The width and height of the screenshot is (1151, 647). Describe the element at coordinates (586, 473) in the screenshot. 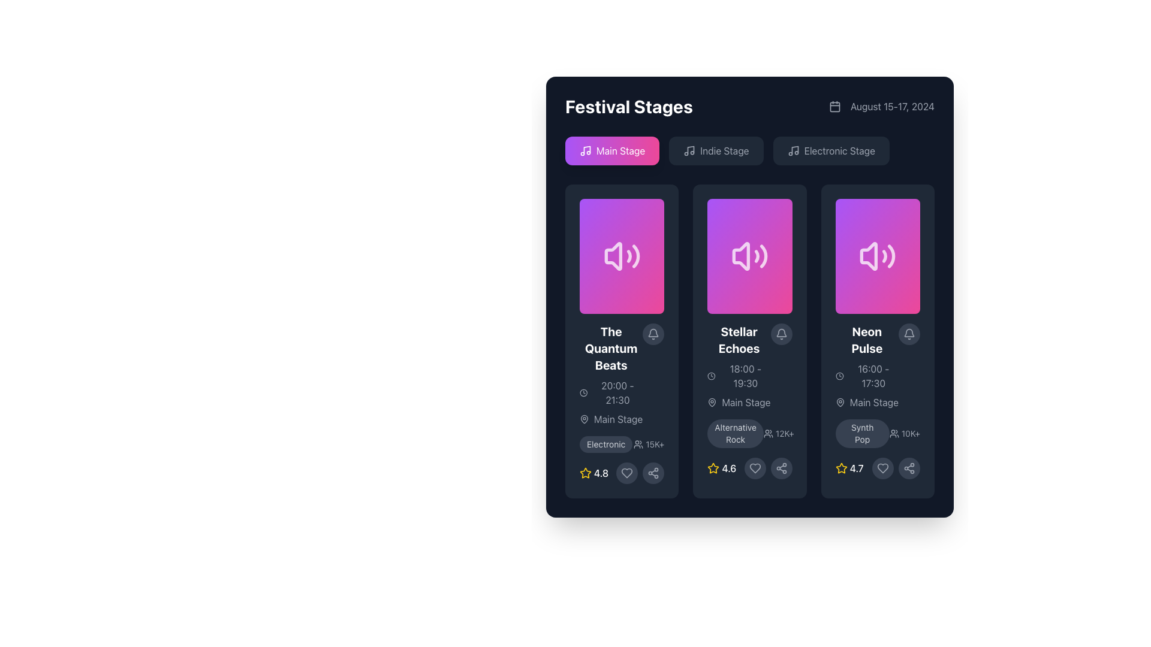

I see `the star icon with a yellow outline next to the text '4.8' in the first card from the left` at that location.